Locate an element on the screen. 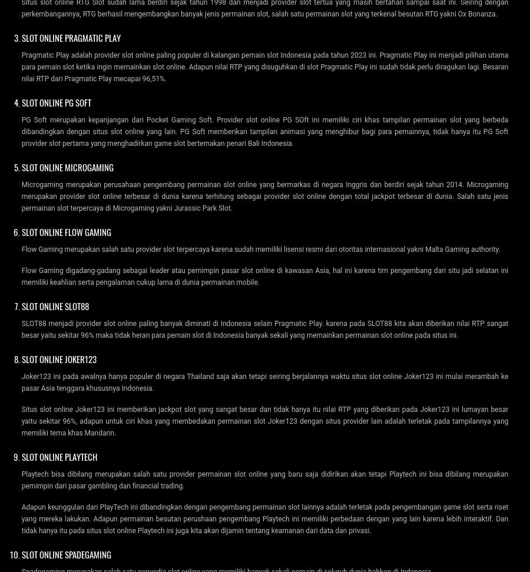 The width and height of the screenshot is (530, 572). 'Slot Online Pragmatic Play' is located at coordinates (70, 36).